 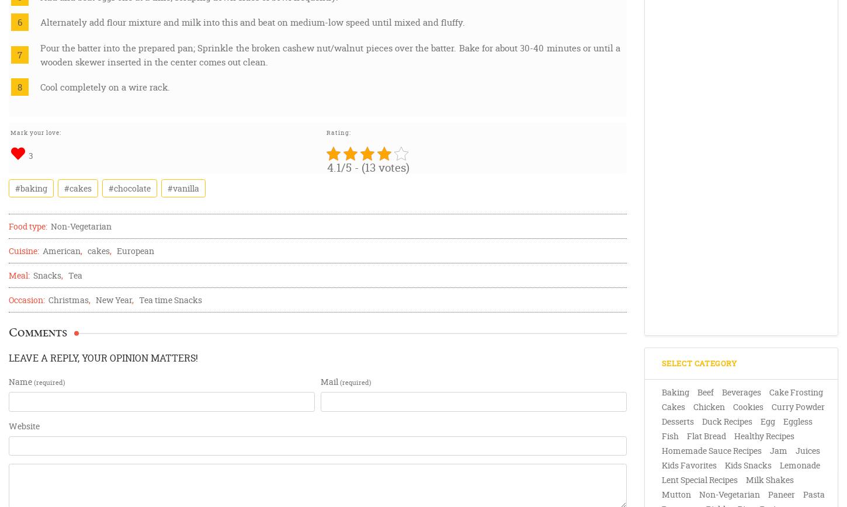 I want to click on 'Fish', so click(x=669, y=436).